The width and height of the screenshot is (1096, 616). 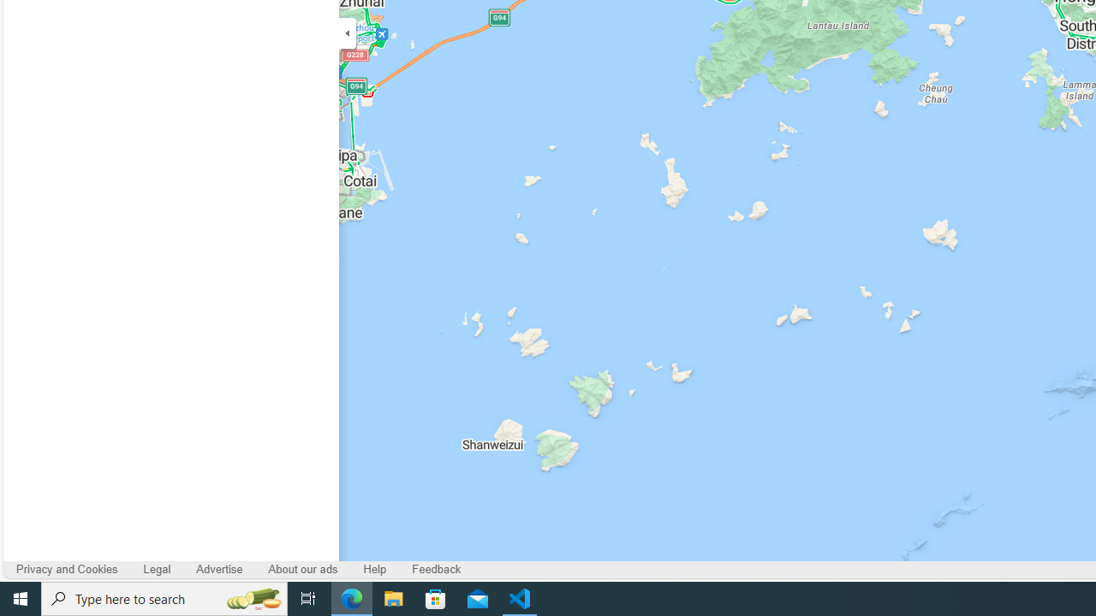 I want to click on 'Privacy and Cookies', so click(x=67, y=570).